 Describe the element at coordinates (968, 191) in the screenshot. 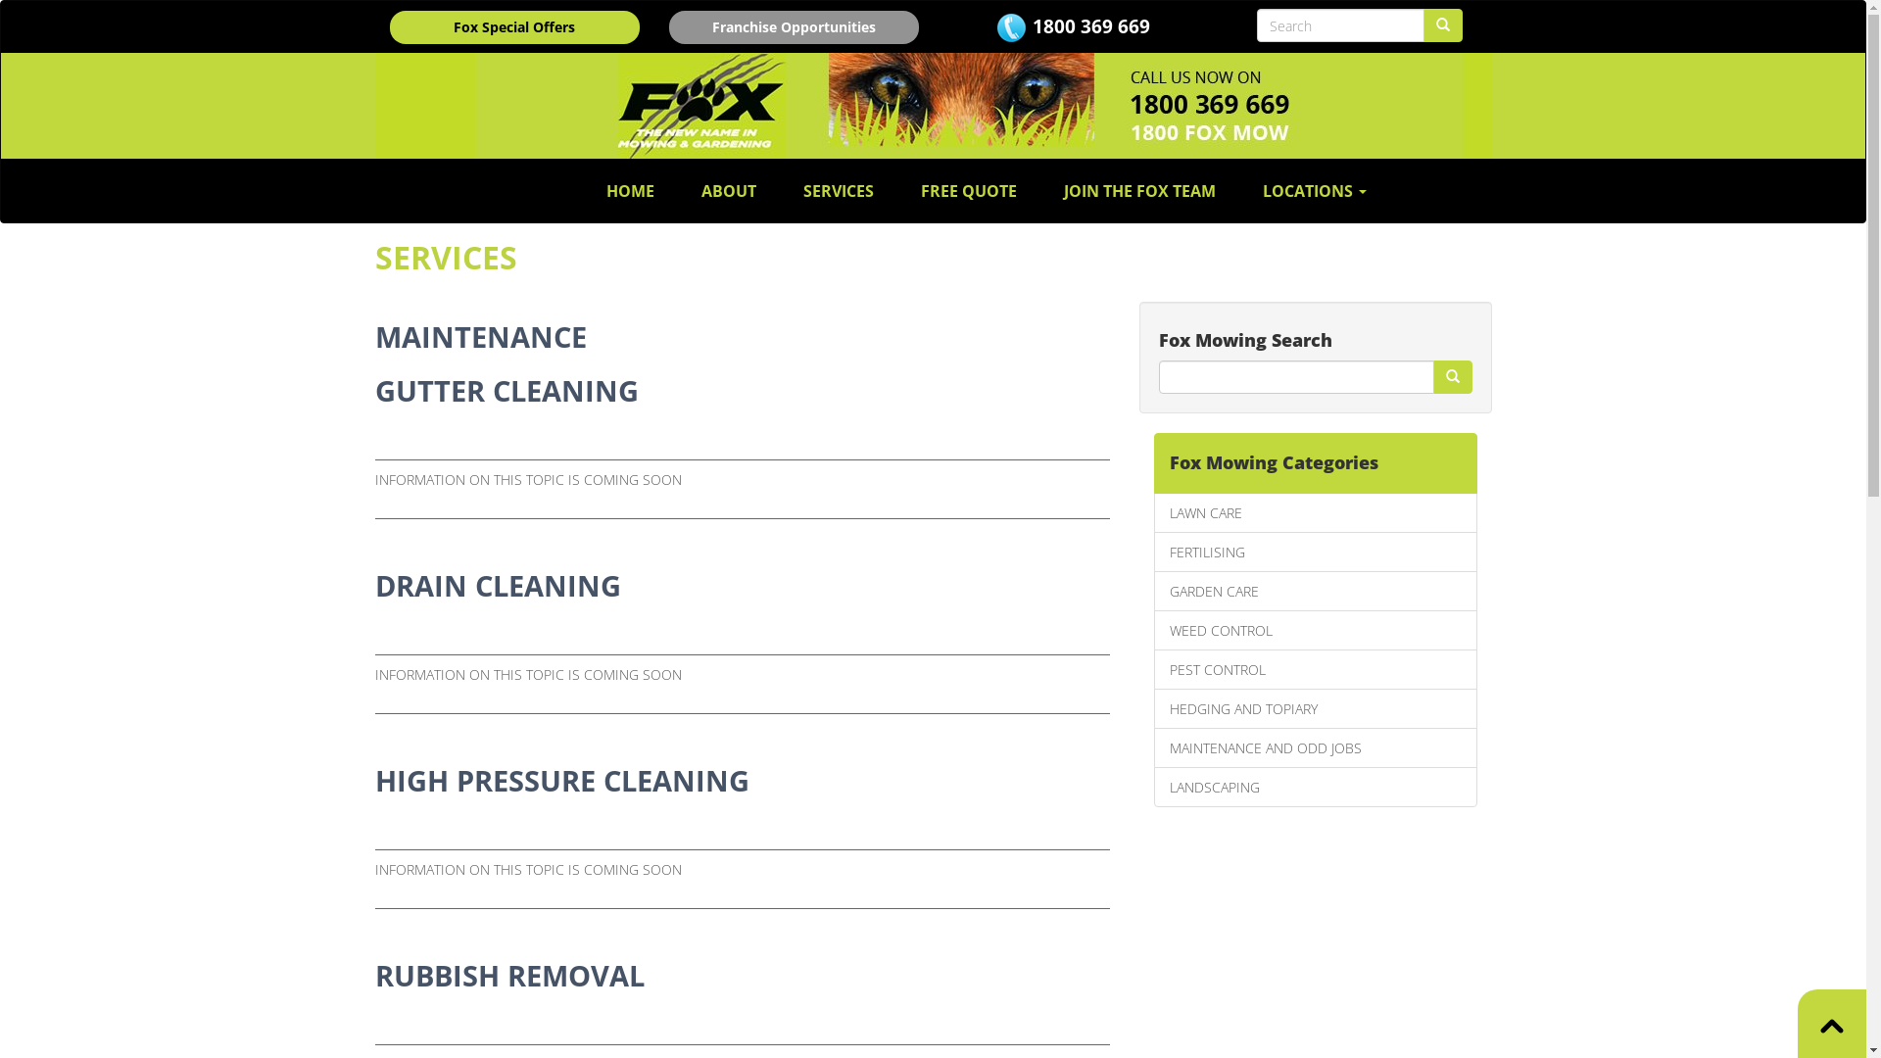

I see `'FREE QUOTE'` at that location.